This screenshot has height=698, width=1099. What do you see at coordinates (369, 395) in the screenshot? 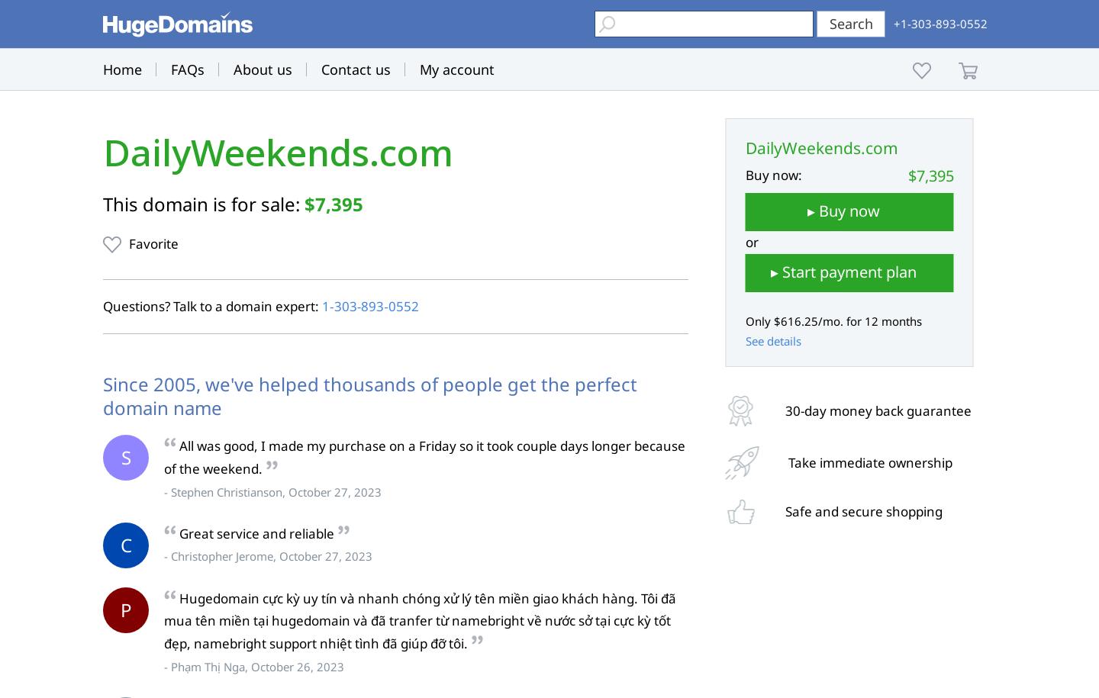
I see `'Since 2005, we've helped thousands of people get the perfect domain name'` at bounding box center [369, 395].